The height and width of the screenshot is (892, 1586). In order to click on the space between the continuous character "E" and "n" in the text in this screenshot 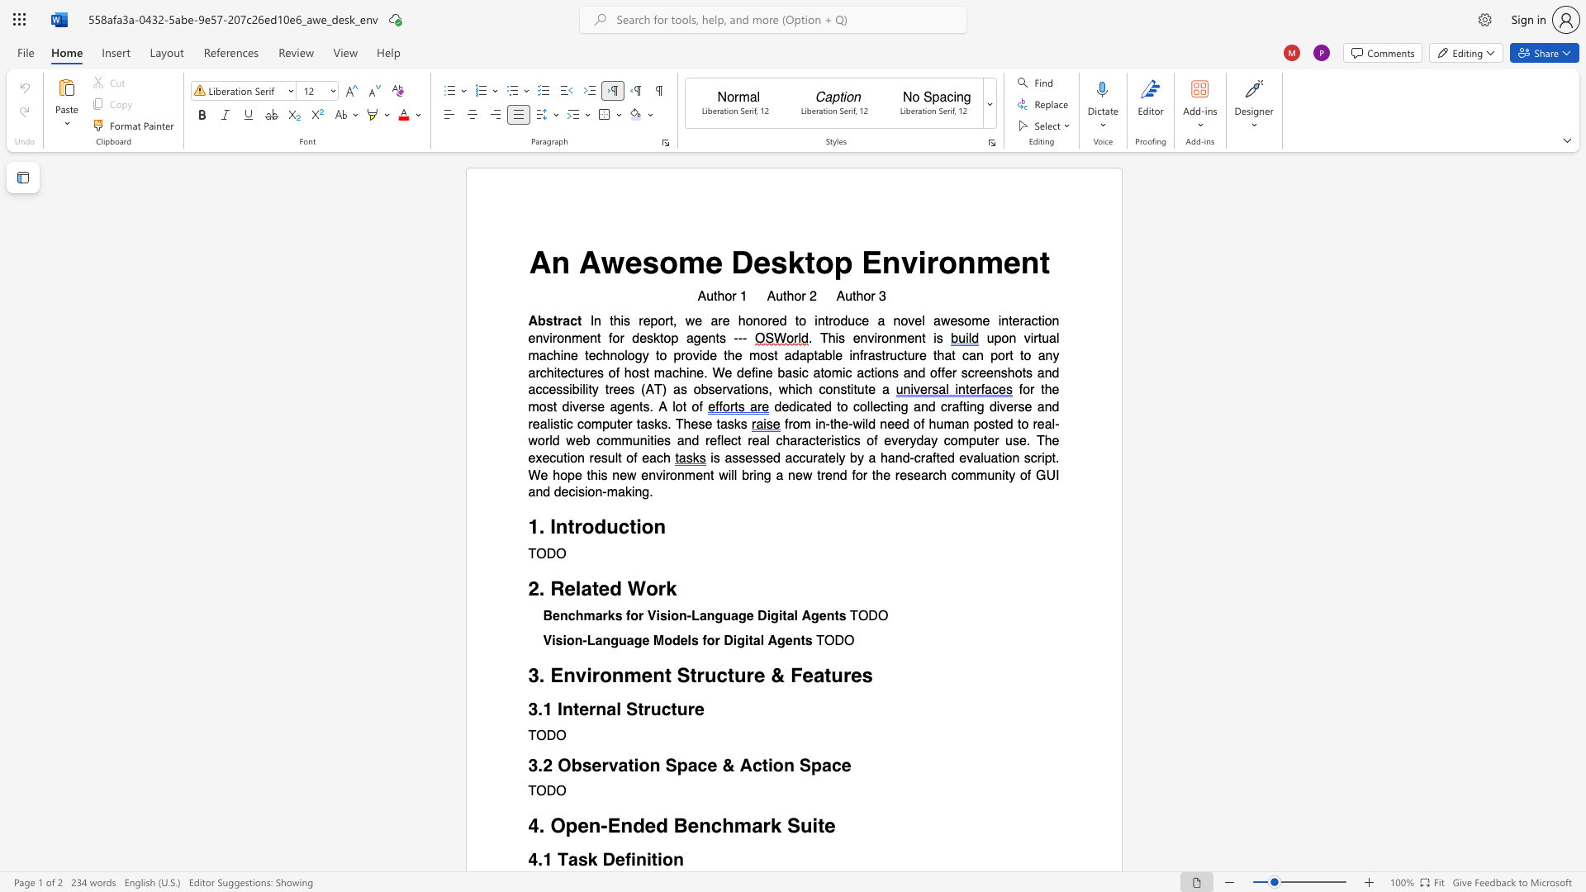, I will do `click(881, 261)`.